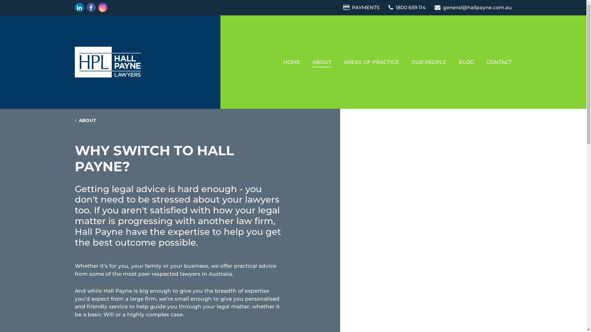  What do you see at coordinates (102, 7) in the screenshot?
I see `'Instagram'` at bounding box center [102, 7].